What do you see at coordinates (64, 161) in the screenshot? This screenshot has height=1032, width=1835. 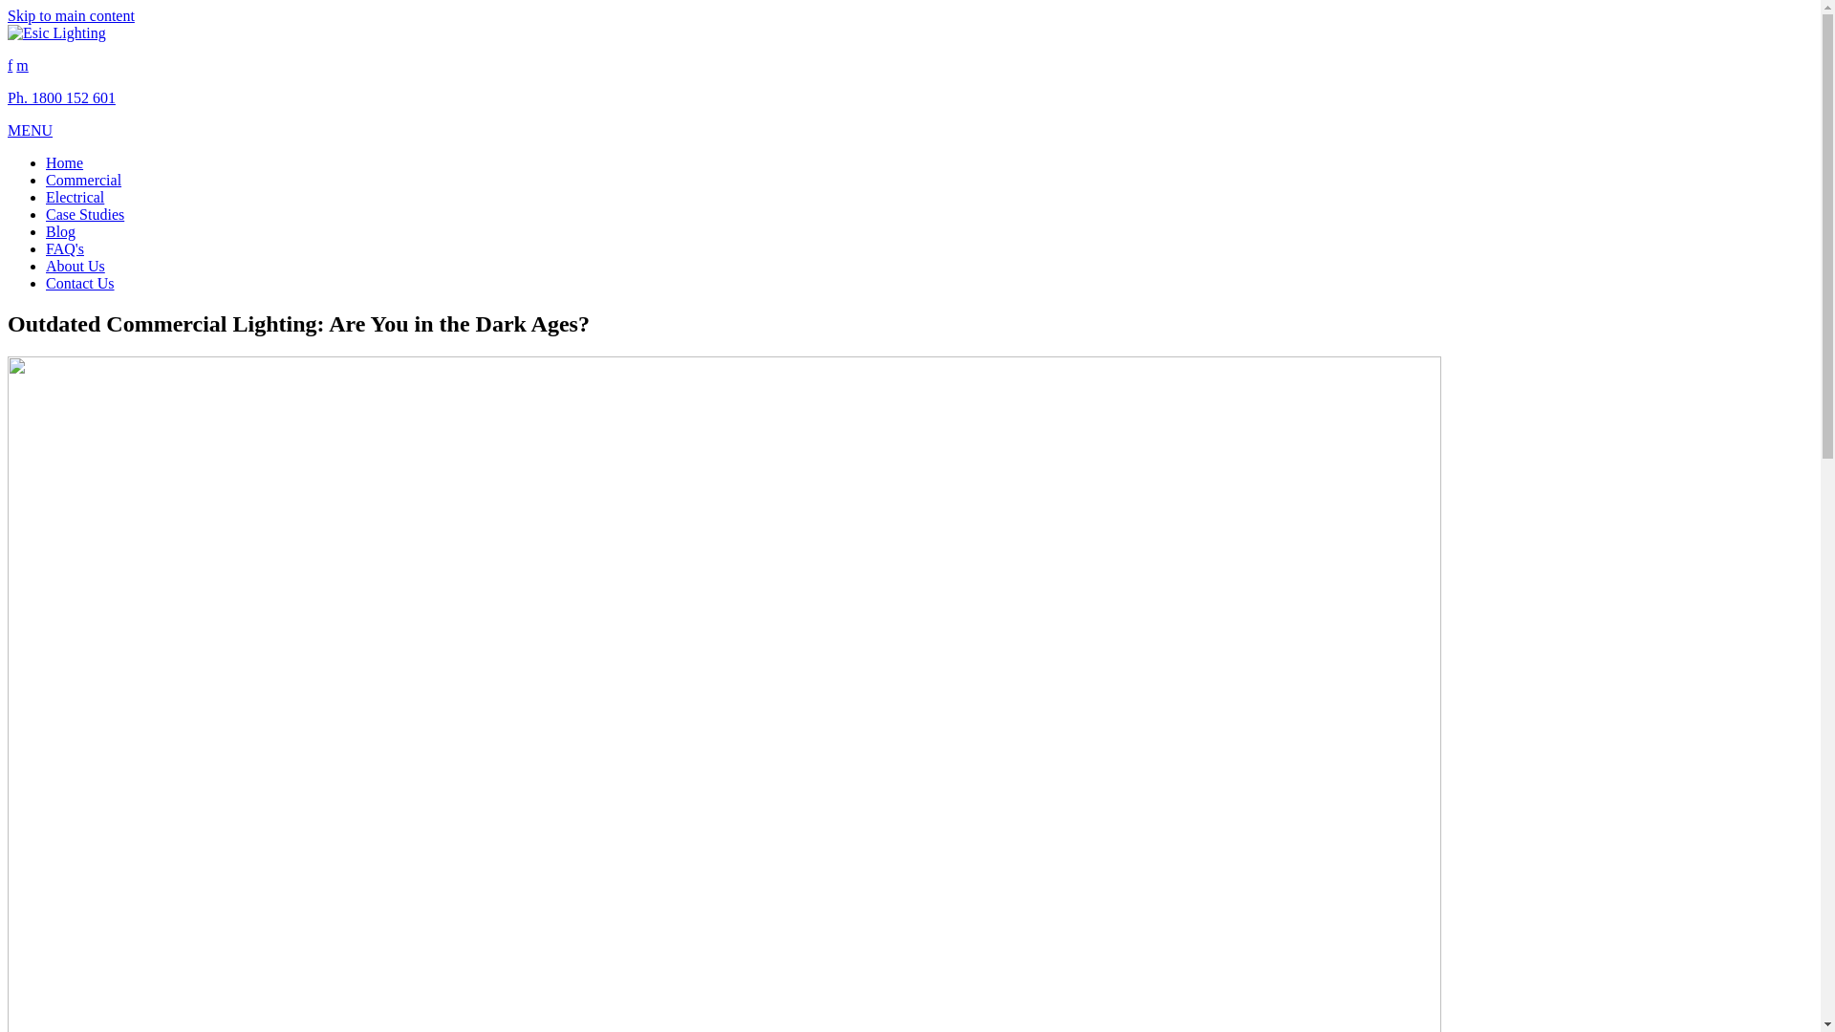 I see `'Home'` at bounding box center [64, 161].